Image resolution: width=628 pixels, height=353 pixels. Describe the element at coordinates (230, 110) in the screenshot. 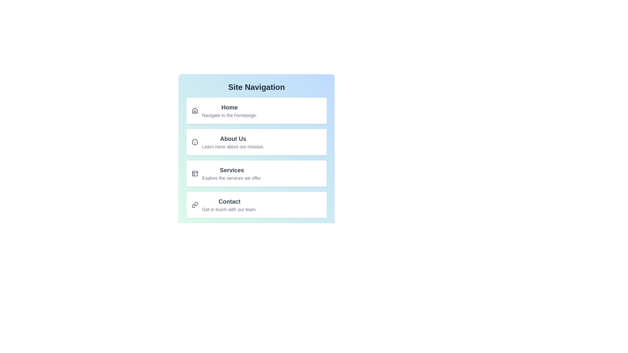

I see `the 'Home' text hyperlink in the navigation menu` at that location.